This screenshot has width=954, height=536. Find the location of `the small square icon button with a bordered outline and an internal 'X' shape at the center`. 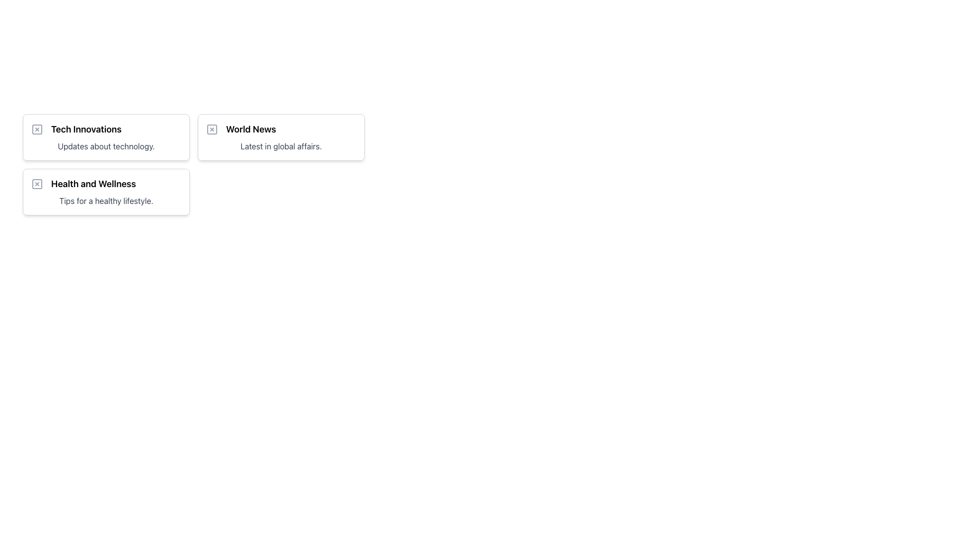

the small square icon button with a bordered outline and an internal 'X' shape at the center is located at coordinates (37, 129).